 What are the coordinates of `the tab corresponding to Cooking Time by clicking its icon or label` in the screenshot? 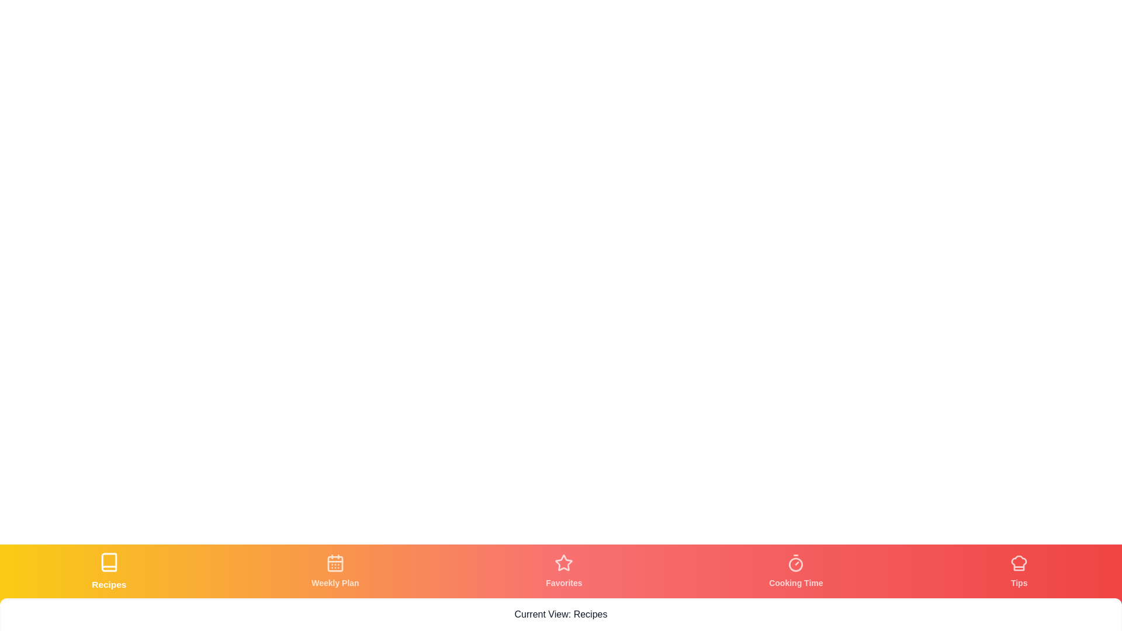 It's located at (795, 571).